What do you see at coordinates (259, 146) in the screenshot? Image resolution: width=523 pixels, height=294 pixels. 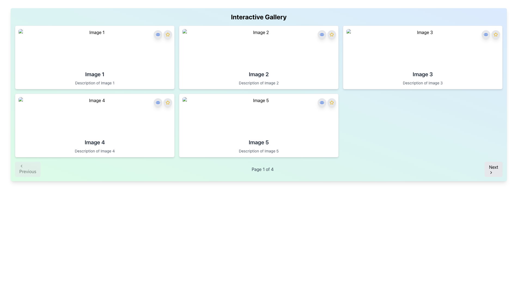 I see `the nearby elements of the text content area titled 'Image 5', located at the bottom right of the gallery card` at bounding box center [259, 146].